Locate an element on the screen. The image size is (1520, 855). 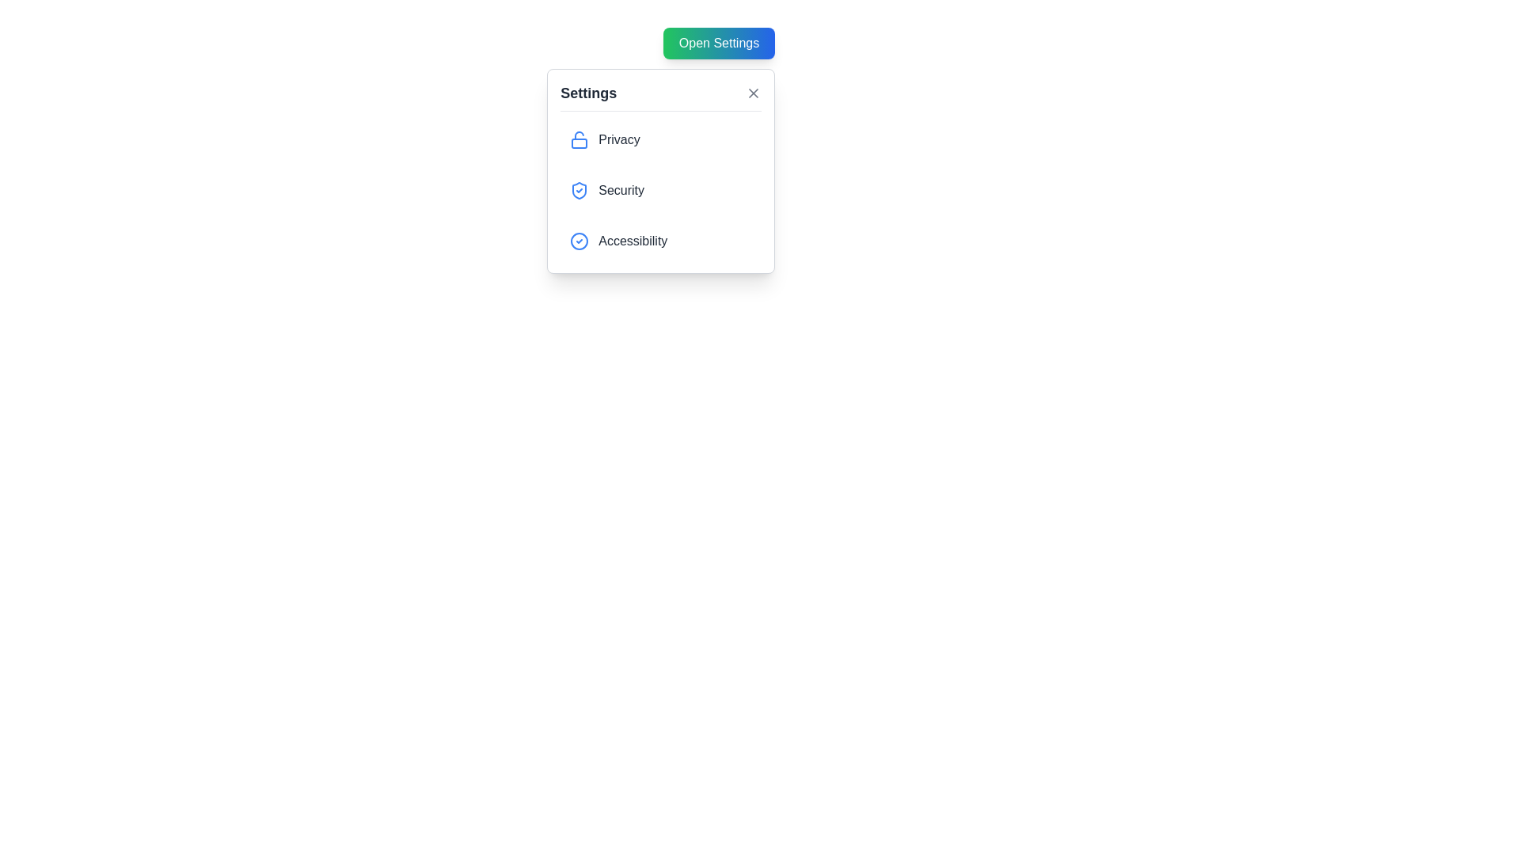
the 'Privacy' menu item in the 'Settings' modal is located at coordinates (661, 139).